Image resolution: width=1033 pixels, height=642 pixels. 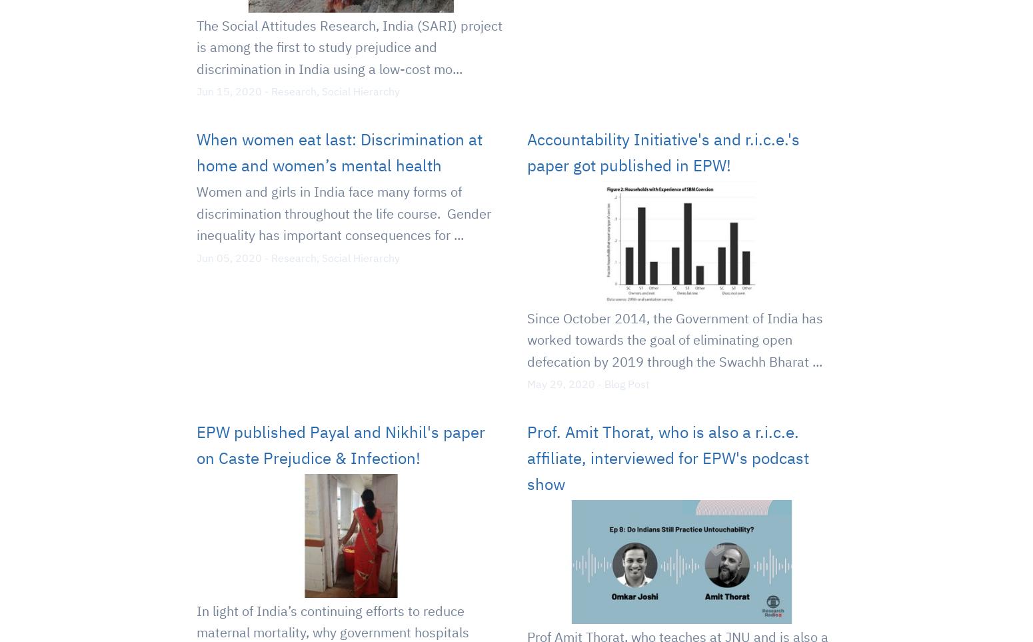 I want to click on 'Women and girls in India face many forms of discrimination throughout the life course.  Gender inequality has important consequences for ...', so click(x=343, y=213).